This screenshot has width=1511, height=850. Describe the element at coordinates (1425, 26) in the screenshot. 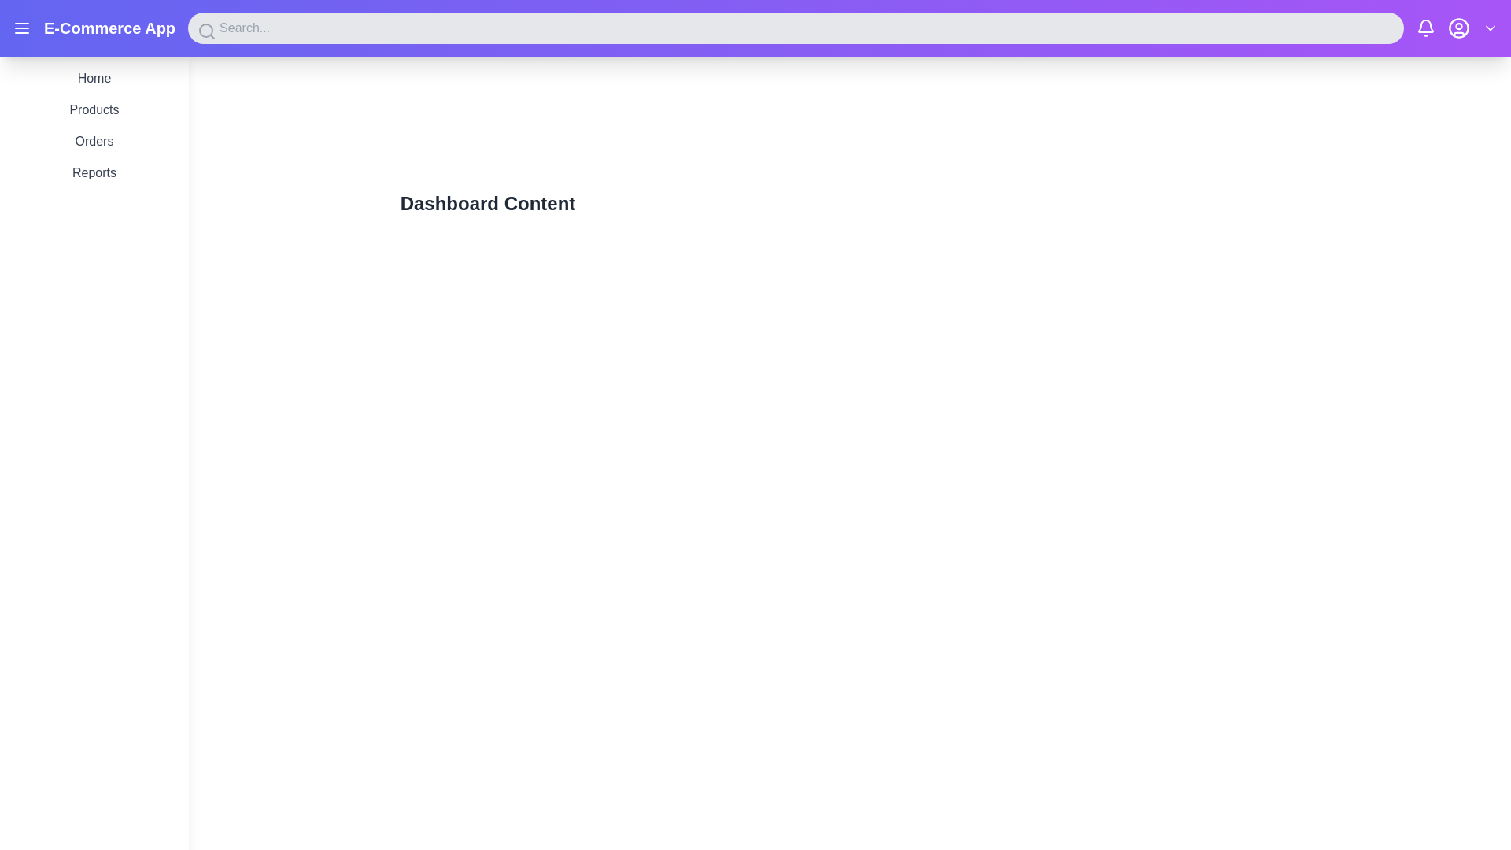

I see `the notification indicator icon located in the top-right corner of the interface, which is part of an SVG icon group representing a notification bell` at that location.